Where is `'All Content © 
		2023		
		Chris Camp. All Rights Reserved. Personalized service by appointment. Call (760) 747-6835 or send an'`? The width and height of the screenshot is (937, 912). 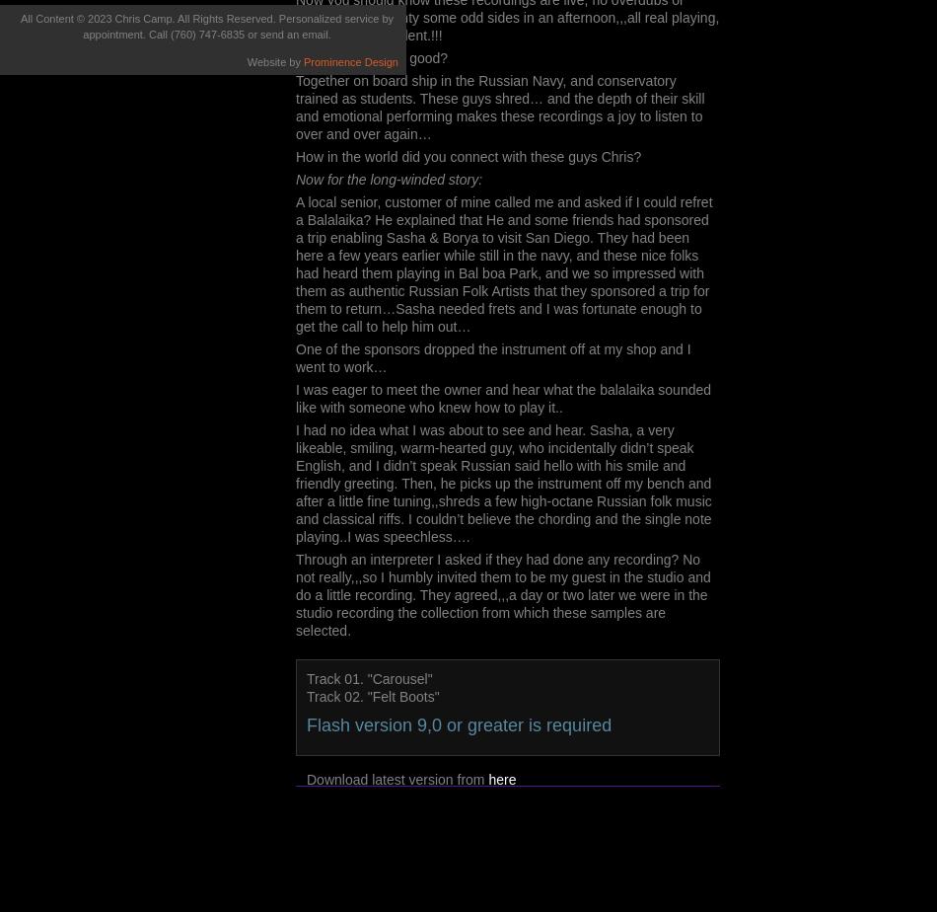
'All Content © 
		2023		
		Chris Camp. All Rights Reserved. Personalized service by appointment. Call (760) 747-6835 or send an' is located at coordinates (207, 26).